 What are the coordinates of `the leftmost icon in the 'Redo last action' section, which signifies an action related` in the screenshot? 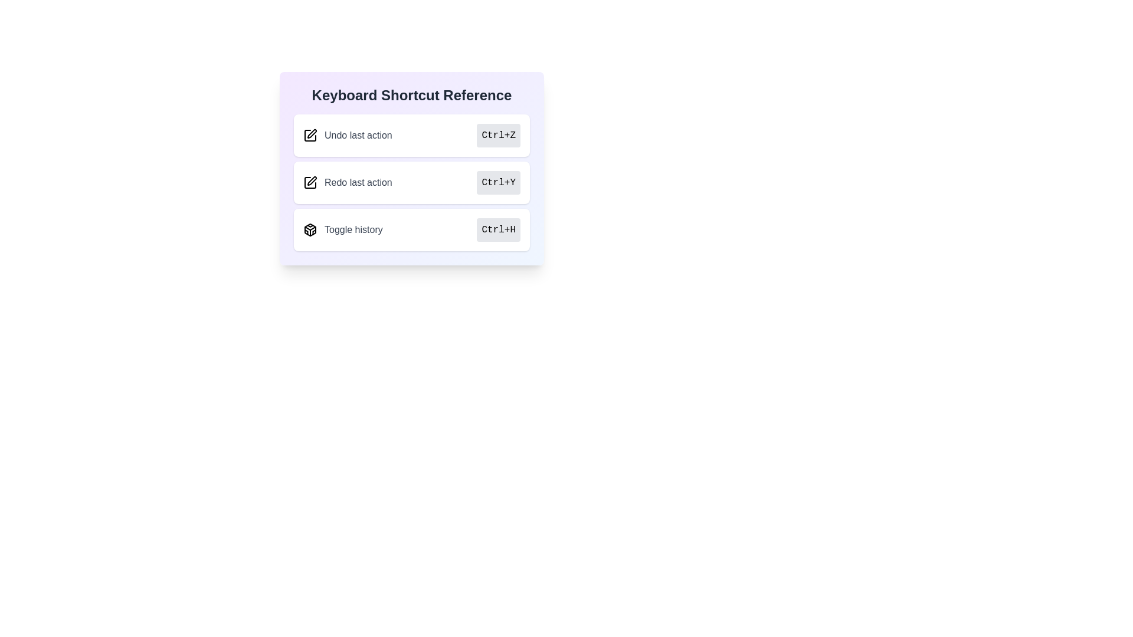 It's located at (310, 182).